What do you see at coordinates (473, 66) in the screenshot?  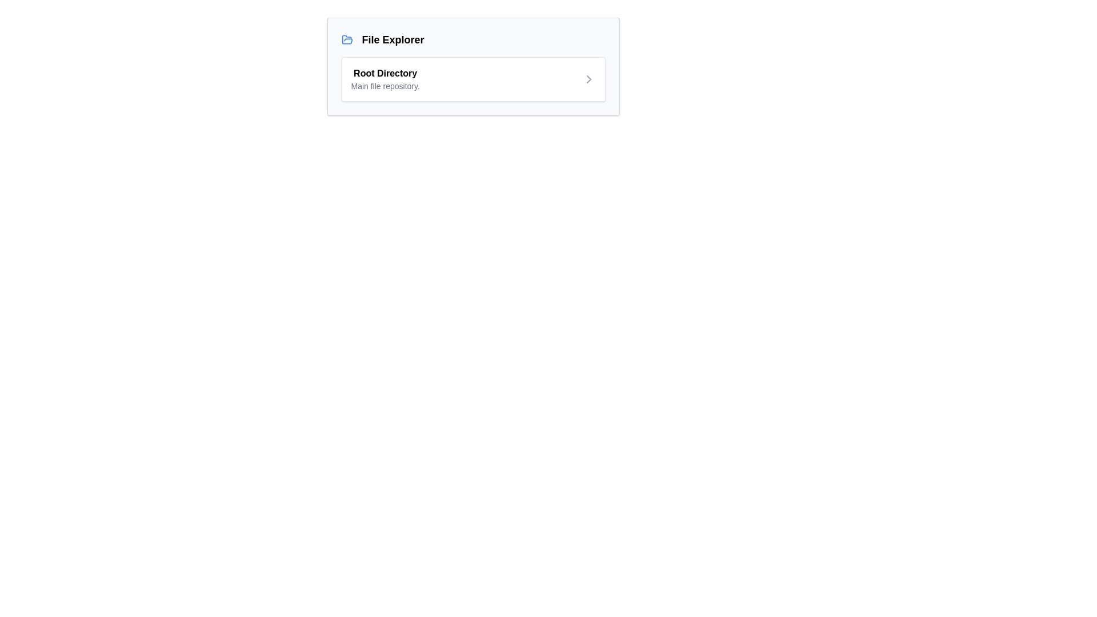 I see `the main card representing the 'Root Directory' in the File Explorer interface` at bounding box center [473, 66].